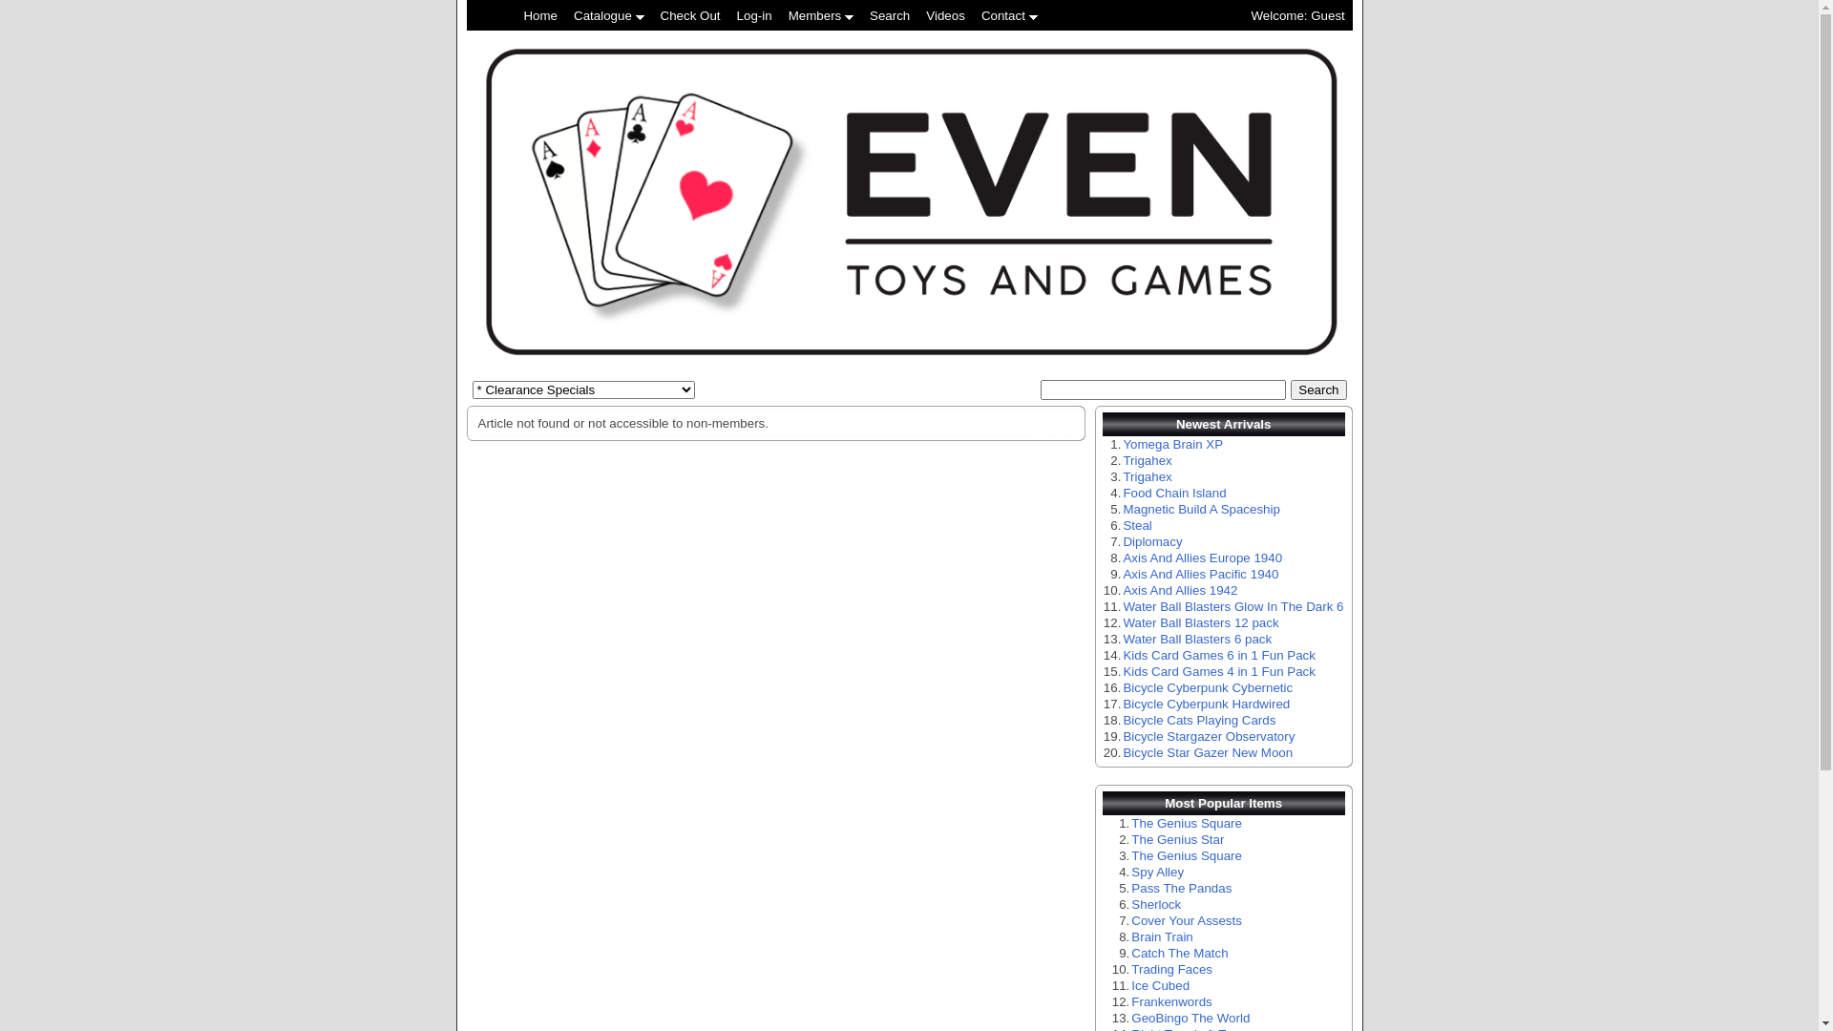 This screenshot has width=1833, height=1031. What do you see at coordinates (1154, 903) in the screenshot?
I see `'Sherlock'` at bounding box center [1154, 903].